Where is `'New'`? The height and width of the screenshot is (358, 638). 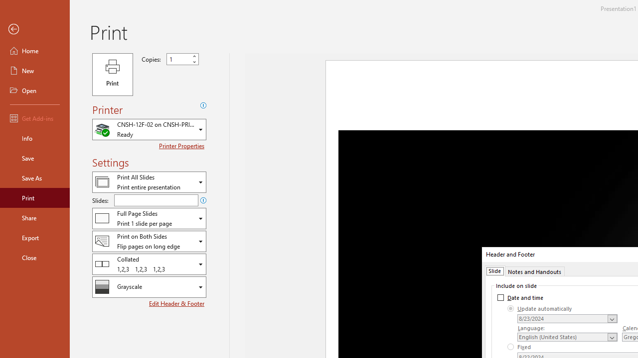 'New' is located at coordinates (34, 70).